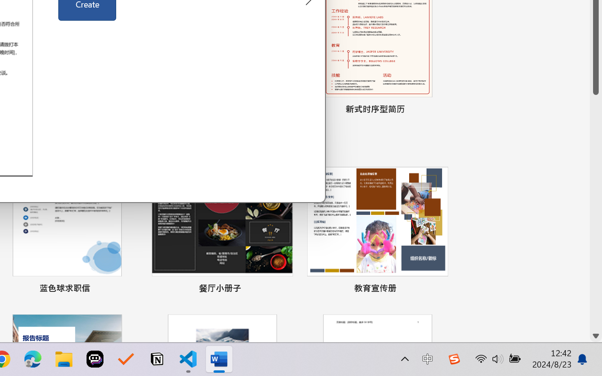  Describe the element at coordinates (595, 211) in the screenshot. I see `'Page down'` at that location.